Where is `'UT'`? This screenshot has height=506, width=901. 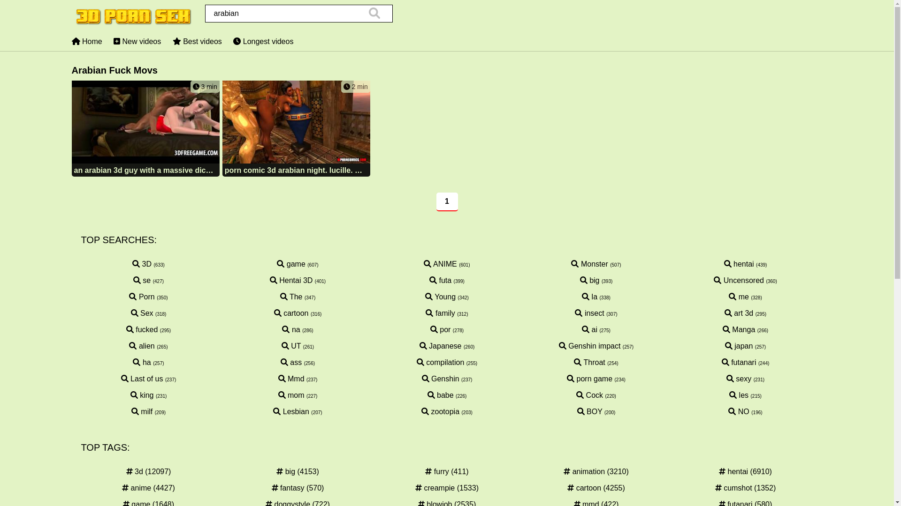 'UT' is located at coordinates (290, 346).